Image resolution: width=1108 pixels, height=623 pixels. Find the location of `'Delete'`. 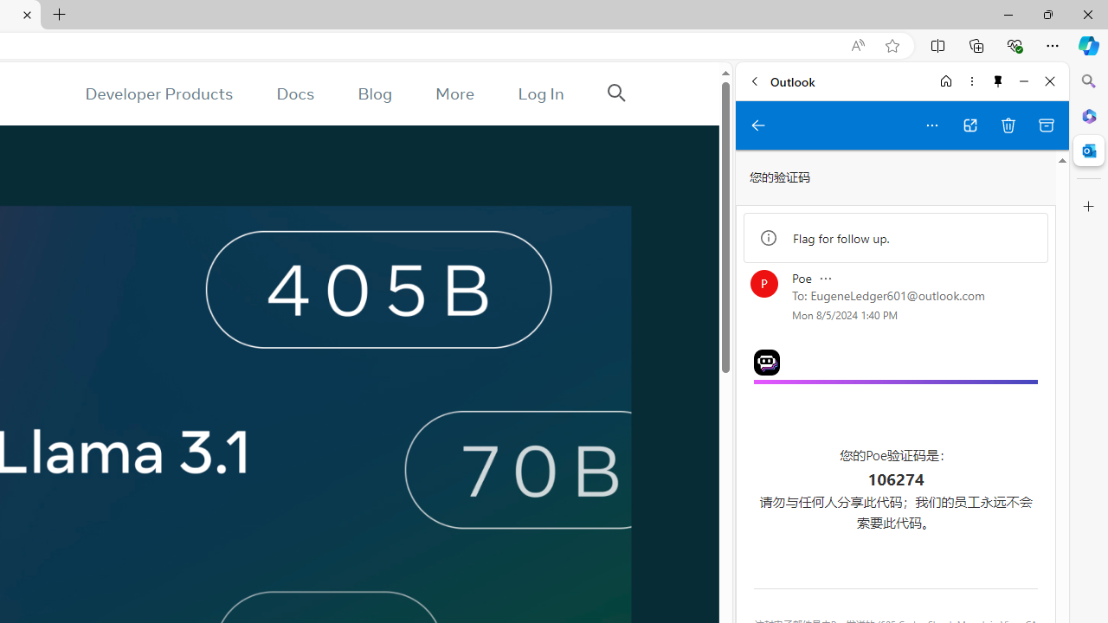

'Delete' is located at coordinates (1008, 125).